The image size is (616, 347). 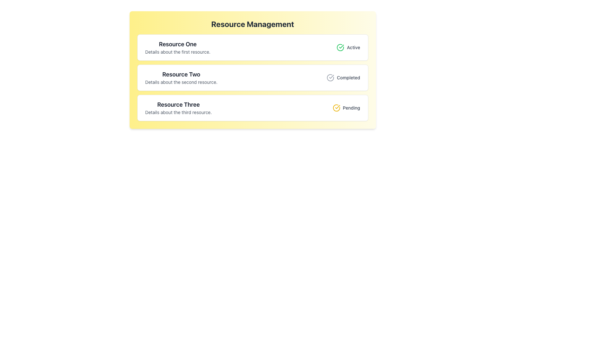 I want to click on the circular green-bordered icon with a checkmark inside, indicating an active status, located, so click(x=340, y=47).